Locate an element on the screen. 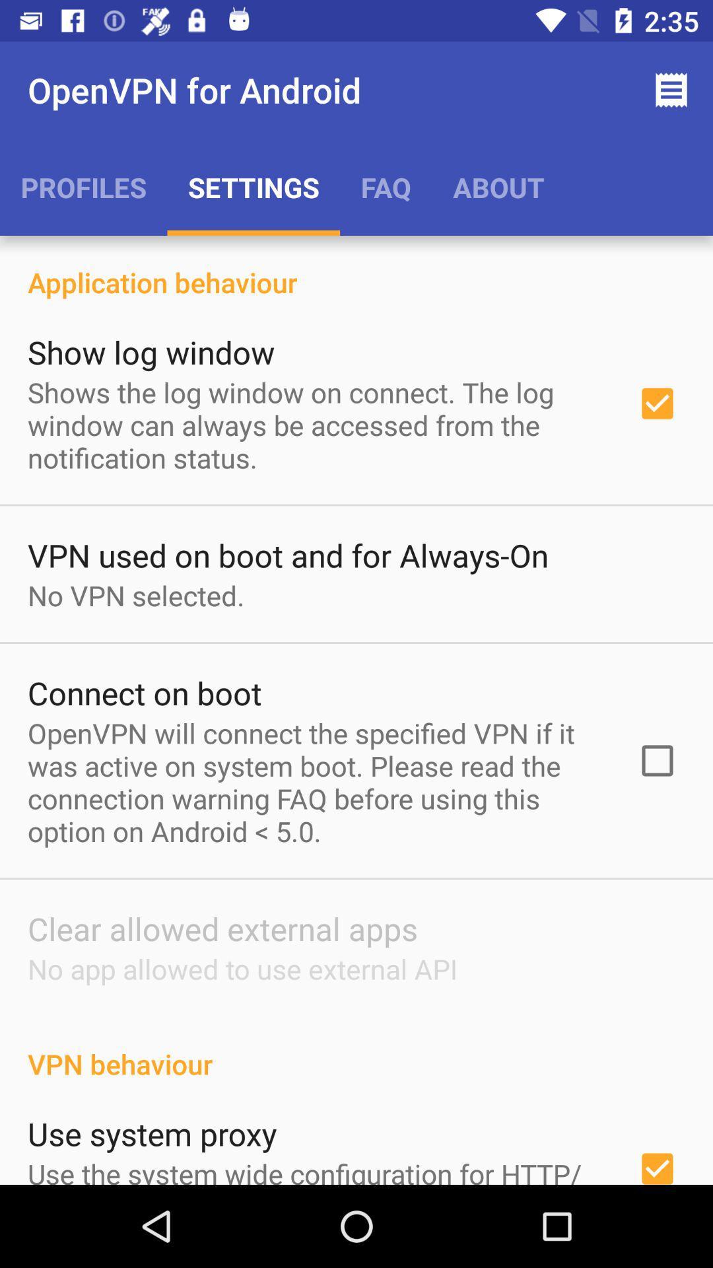 This screenshot has height=1268, width=713. the profiles item is located at coordinates (83, 186).